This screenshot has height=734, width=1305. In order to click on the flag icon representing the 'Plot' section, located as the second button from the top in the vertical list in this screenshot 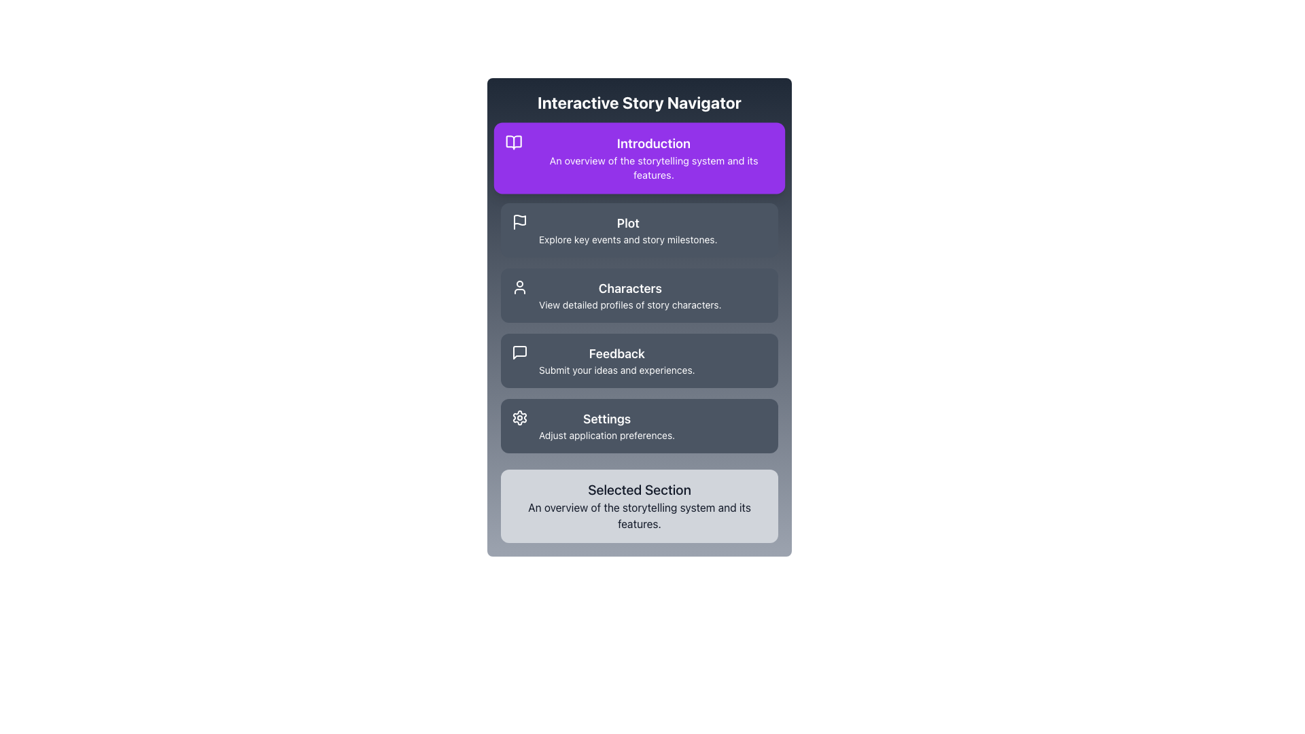, I will do `click(519, 222)`.